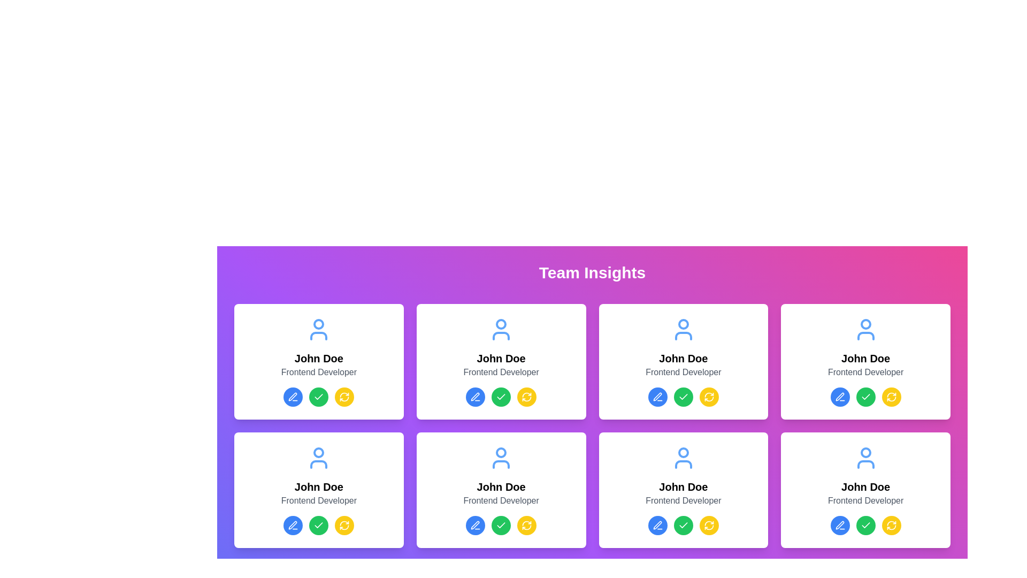  Describe the element at coordinates (683, 329) in the screenshot. I see `the user profile icon located in the upper section of the card element, which is in the top row and third from the left, centered above the text 'John Doe' and 'Frontend Developer'` at that location.